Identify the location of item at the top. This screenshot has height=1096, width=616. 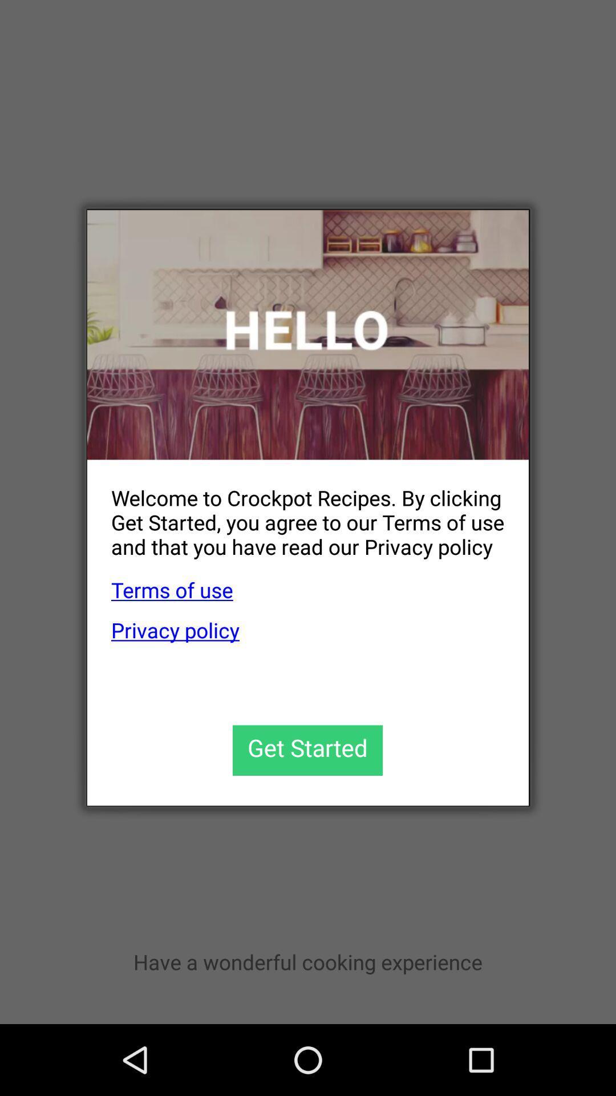
(308, 334).